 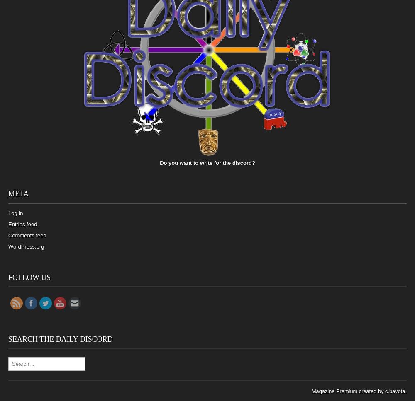 I want to click on 'Entries feed', so click(x=22, y=223).